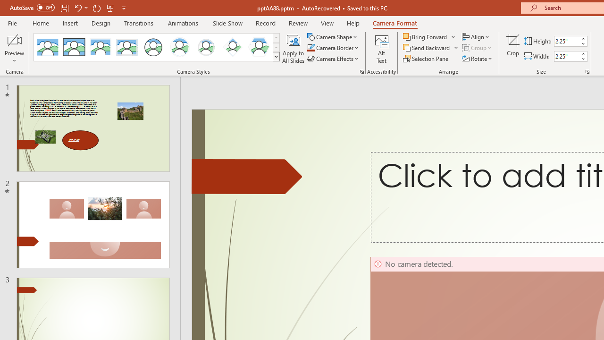 Image resolution: width=604 pixels, height=340 pixels. What do you see at coordinates (395, 23) in the screenshot?
I see `'Camera Format'` at bounding box center [395, 23].